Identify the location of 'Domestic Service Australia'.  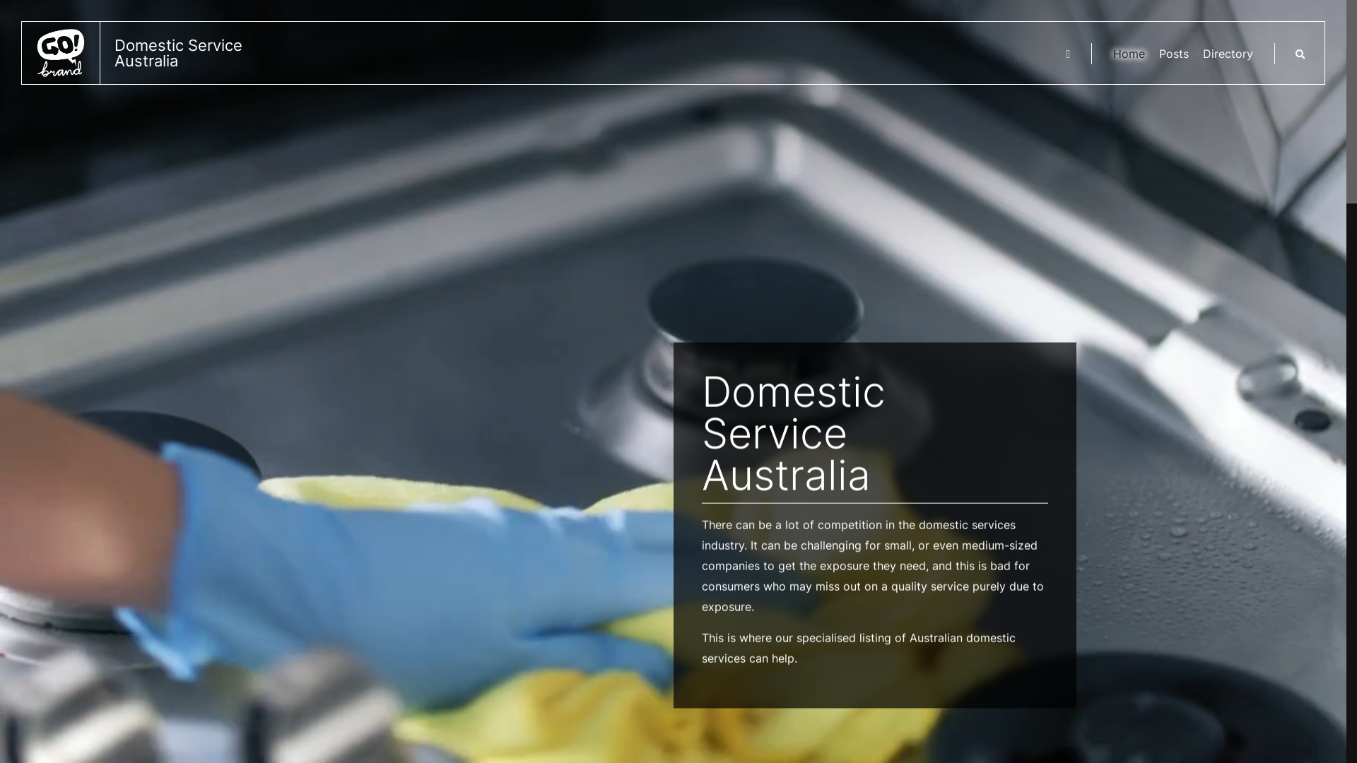
(149, 52).